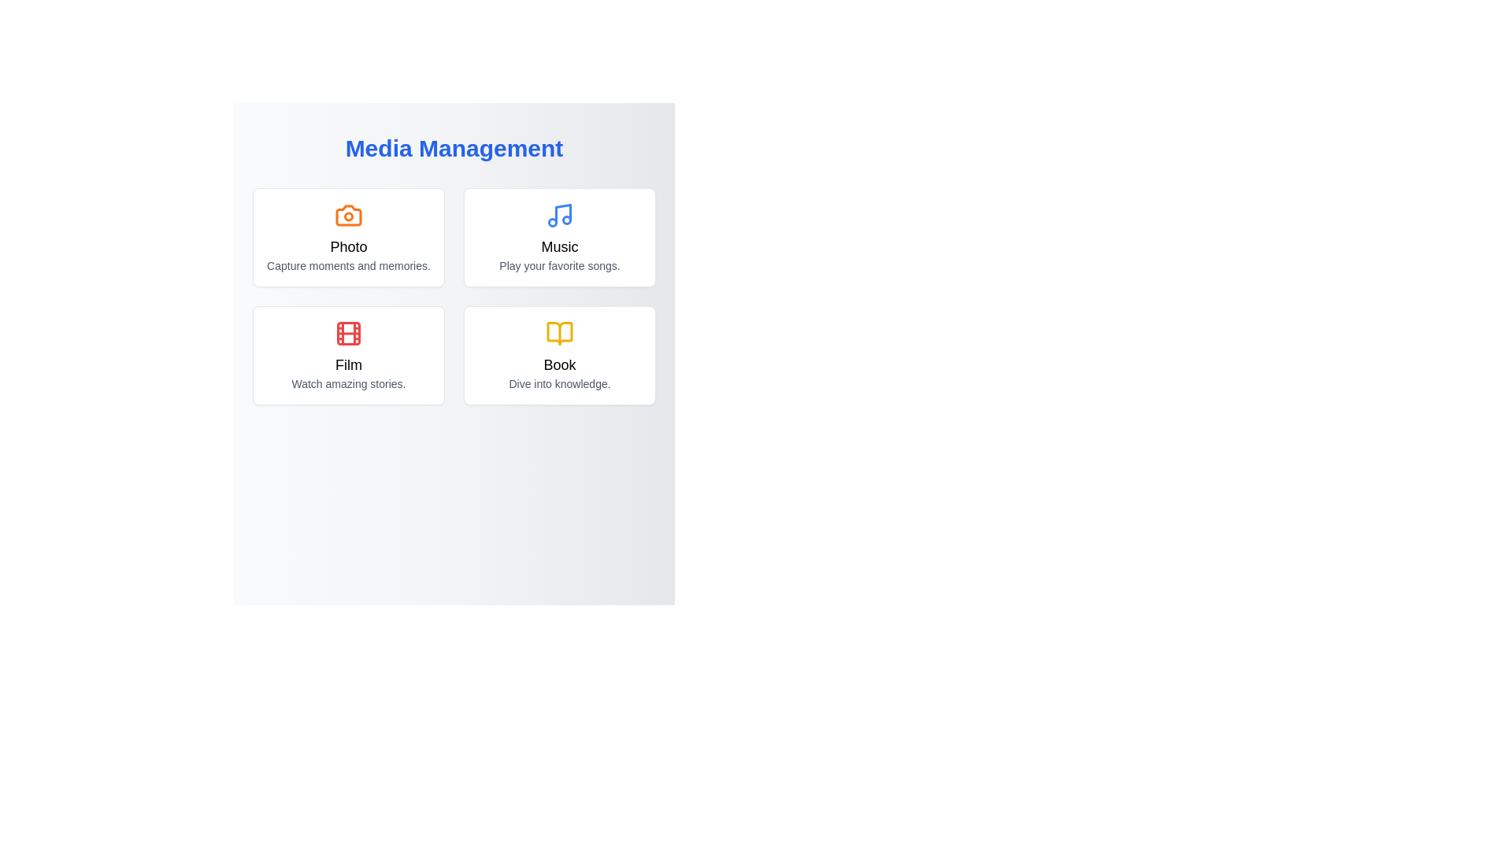  I want to click on the circular shape of the 'Music' icon, which is a blue musical note with small circular elements, located in the left-bottom position of the 'Music' card, so click(552, 222).